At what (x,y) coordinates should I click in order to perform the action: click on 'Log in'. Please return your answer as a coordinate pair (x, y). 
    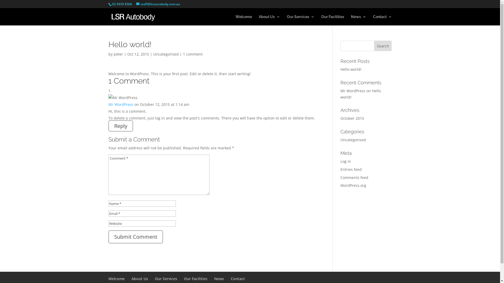
    Looking at the image, I should click on (345, 161).